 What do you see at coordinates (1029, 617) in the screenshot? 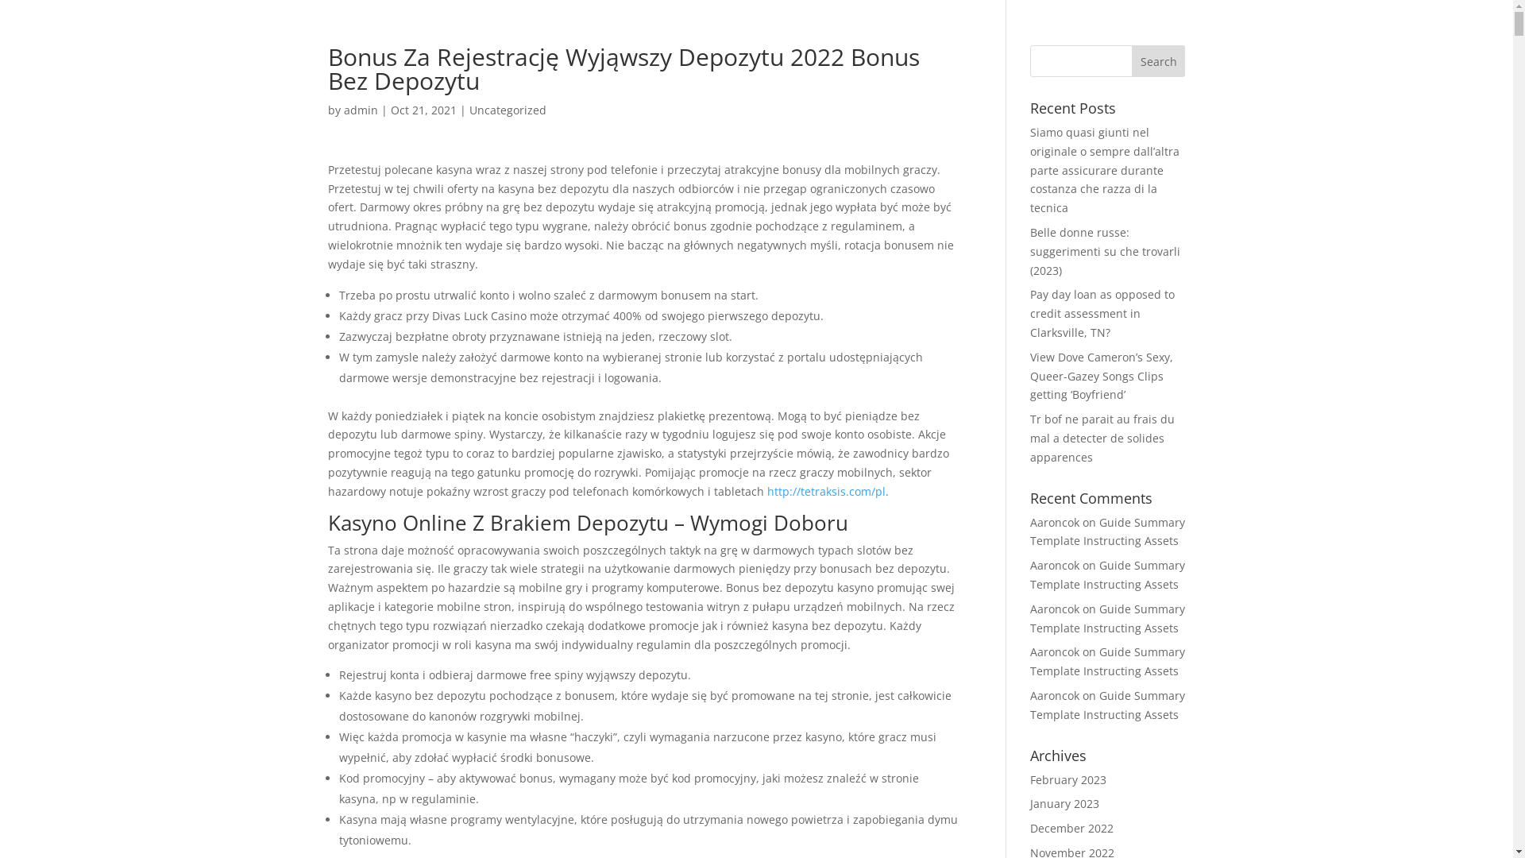
I see `'Guide Summary Template Instructing Assets'` at bounding box center [1029, 617].